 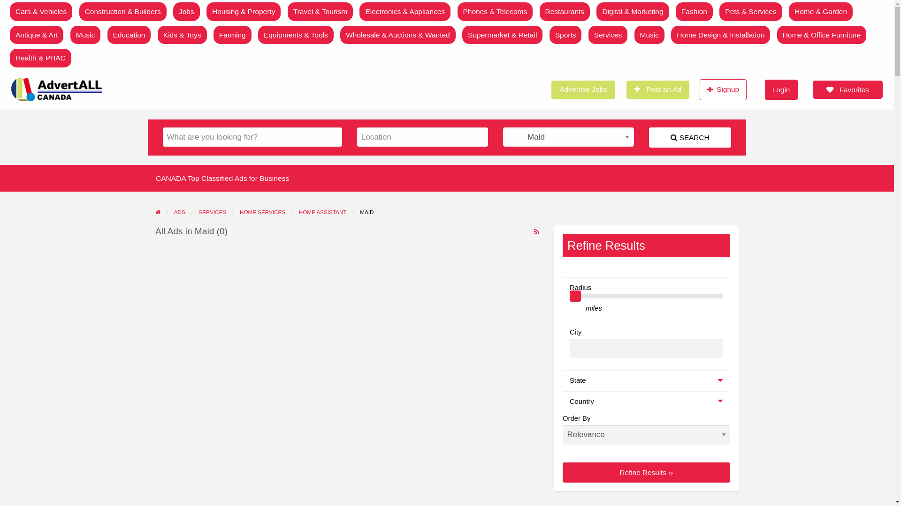 I want to click on 'Housing & Property', so click(x=243, y=11).